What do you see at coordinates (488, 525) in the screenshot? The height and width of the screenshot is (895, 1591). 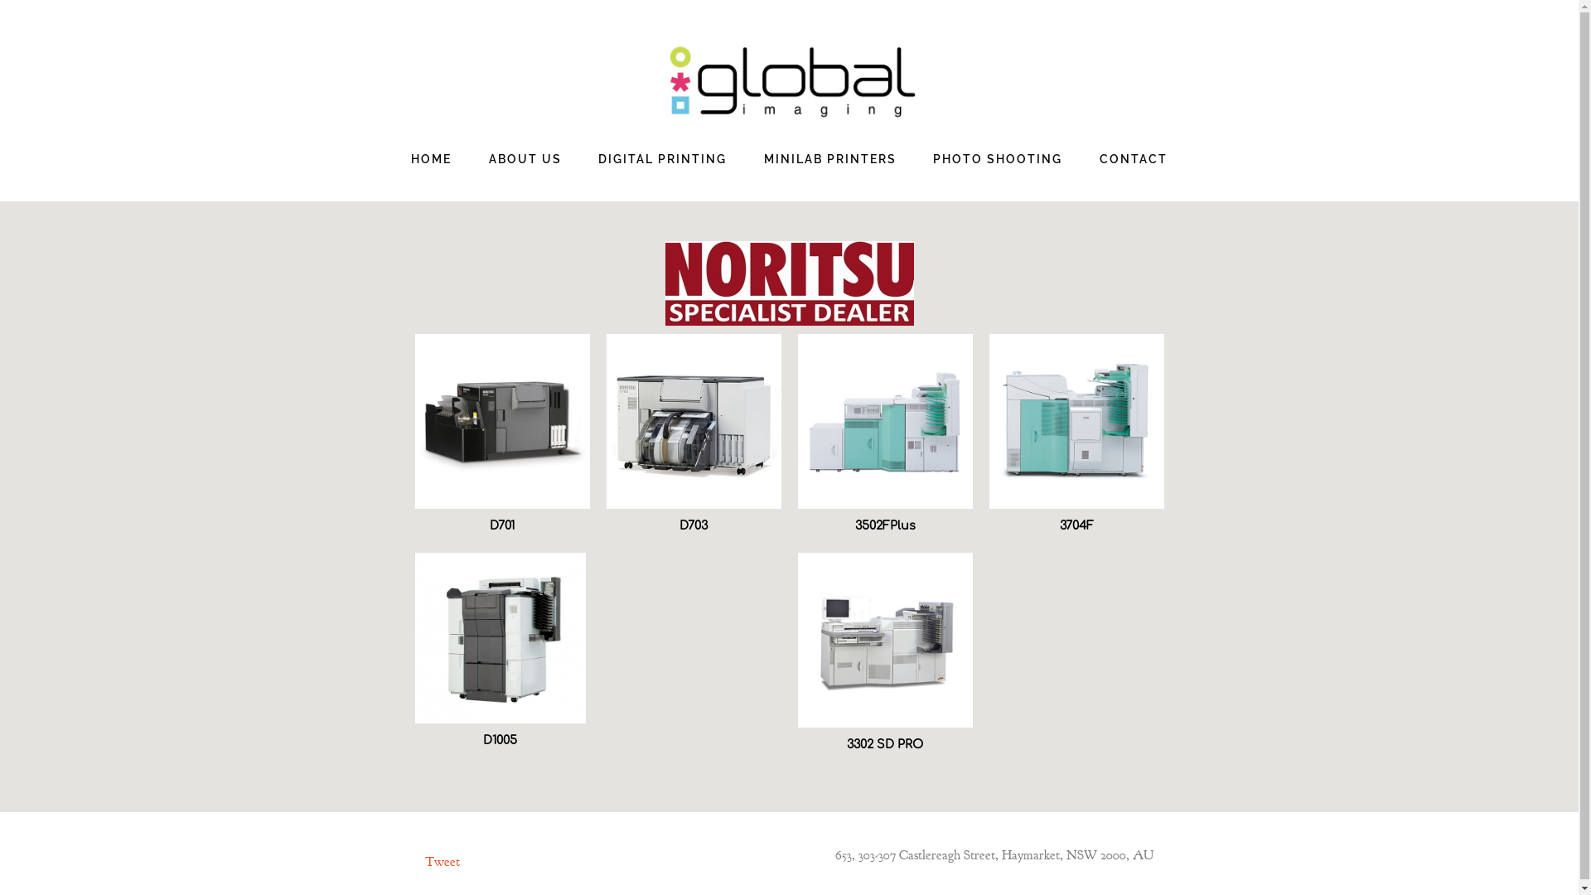 I see `'D701'` at bounding box center [488, 525].